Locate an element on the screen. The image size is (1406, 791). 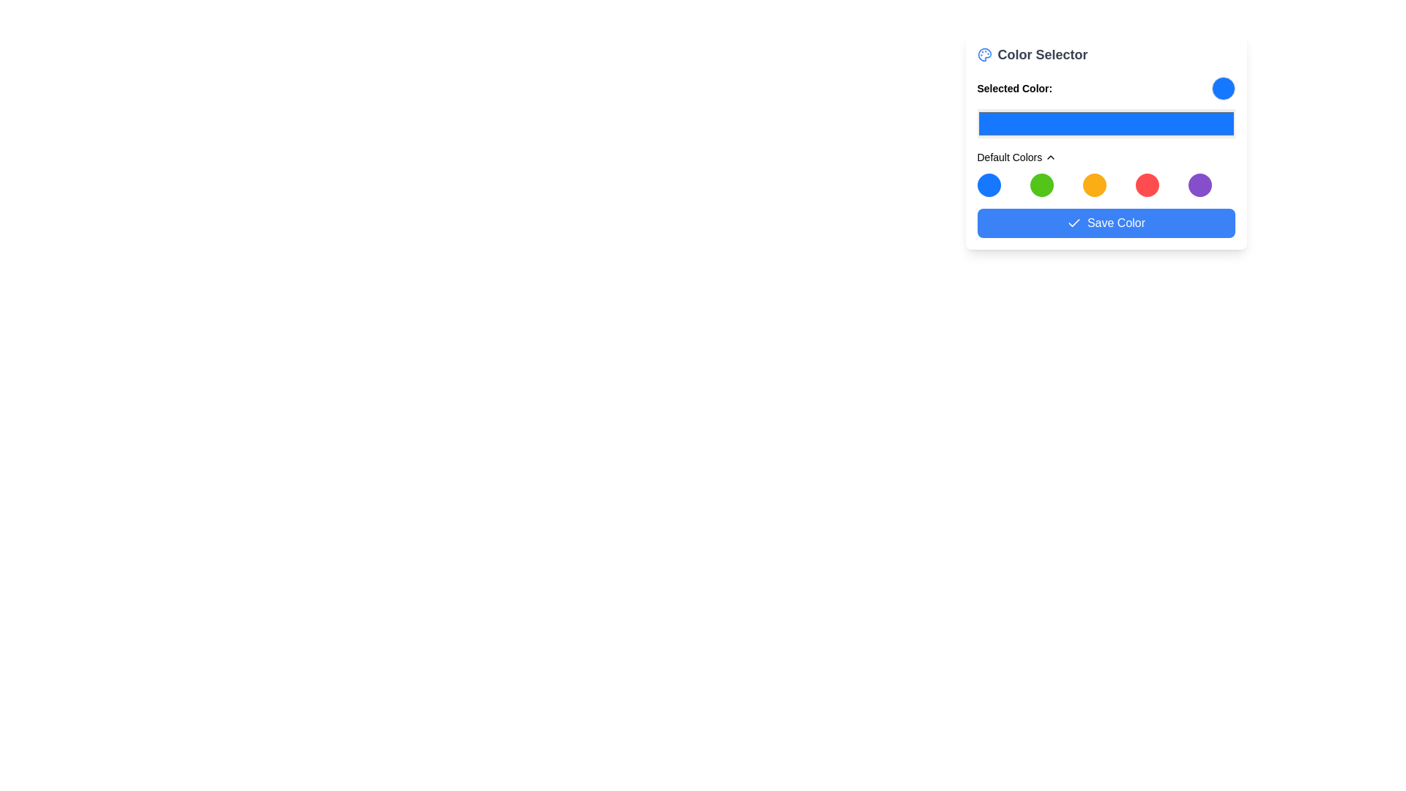
Display and color representation area that shows the label 'Selected Color:' followed by a circular representation of the currently chosen color is located at coordinates (1106, 88).